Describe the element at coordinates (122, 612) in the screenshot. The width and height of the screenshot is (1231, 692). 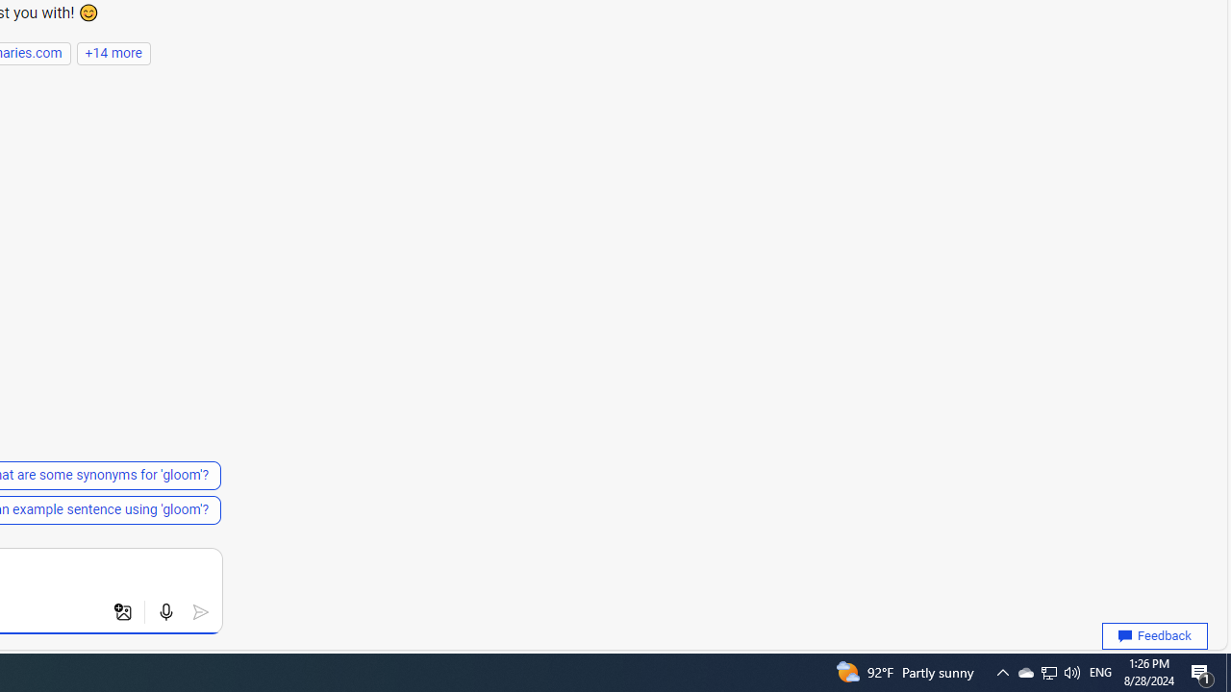
I see `'Add an image to search'` at that location.